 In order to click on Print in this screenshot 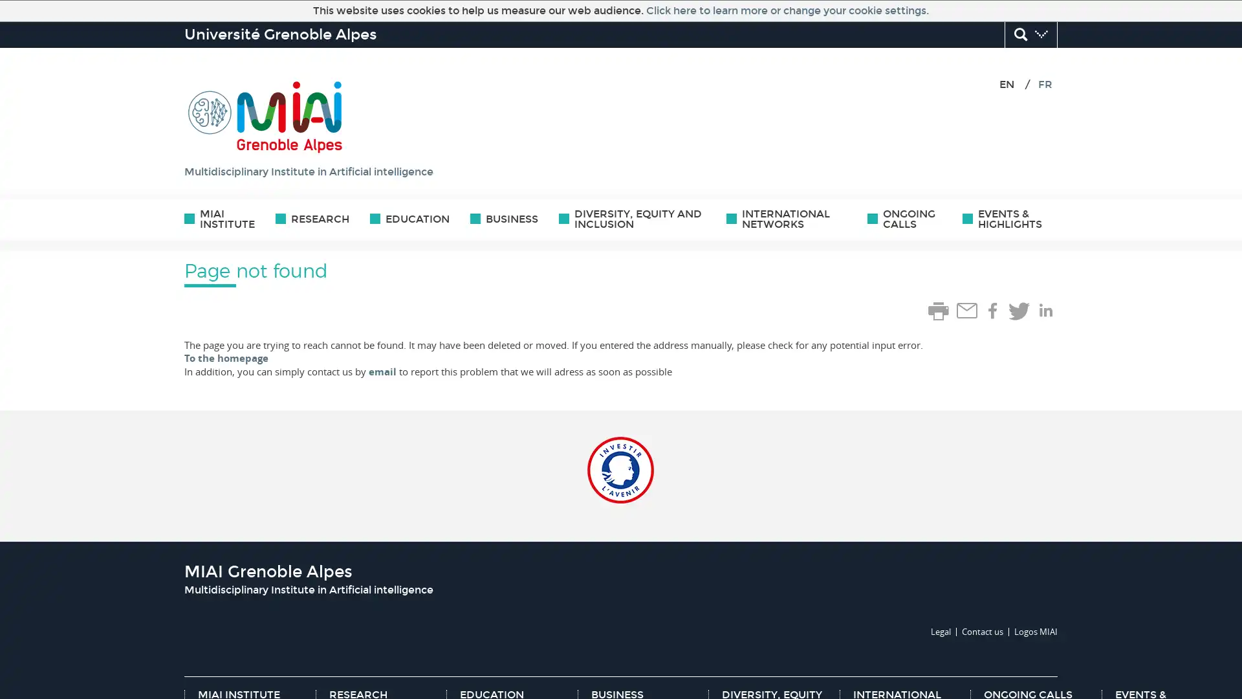, I will do `click(938, 311)`.